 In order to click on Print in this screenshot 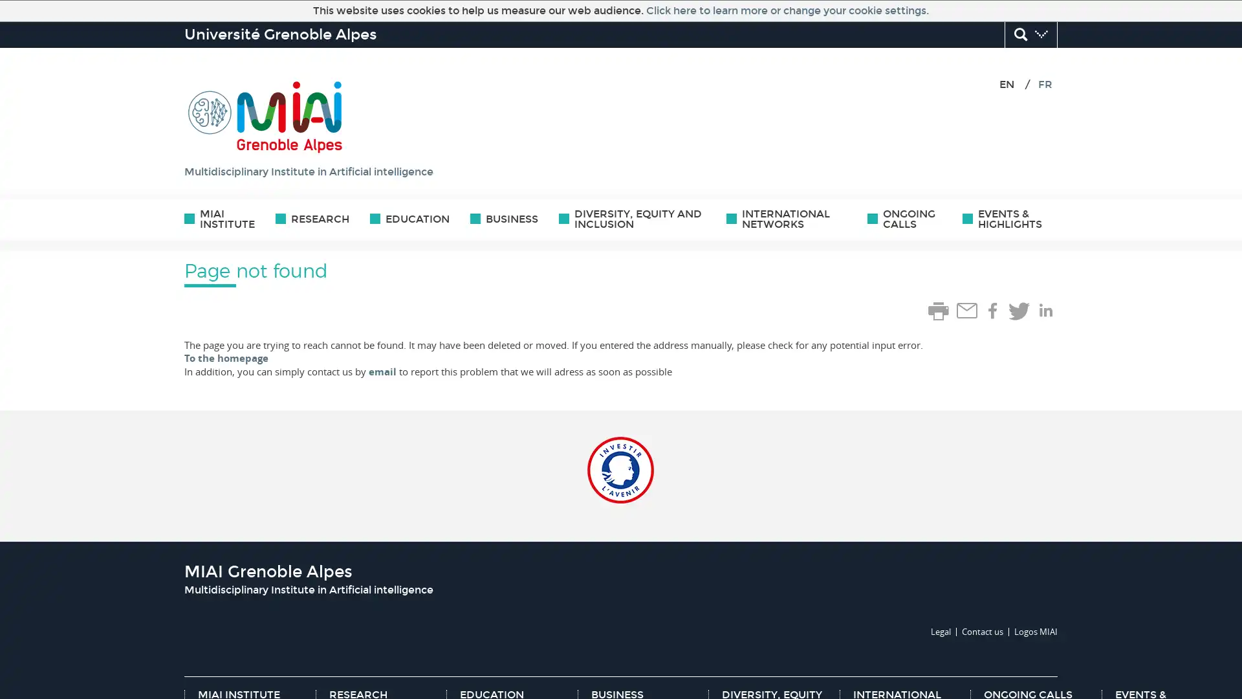, I will do `click(938, 311)`.